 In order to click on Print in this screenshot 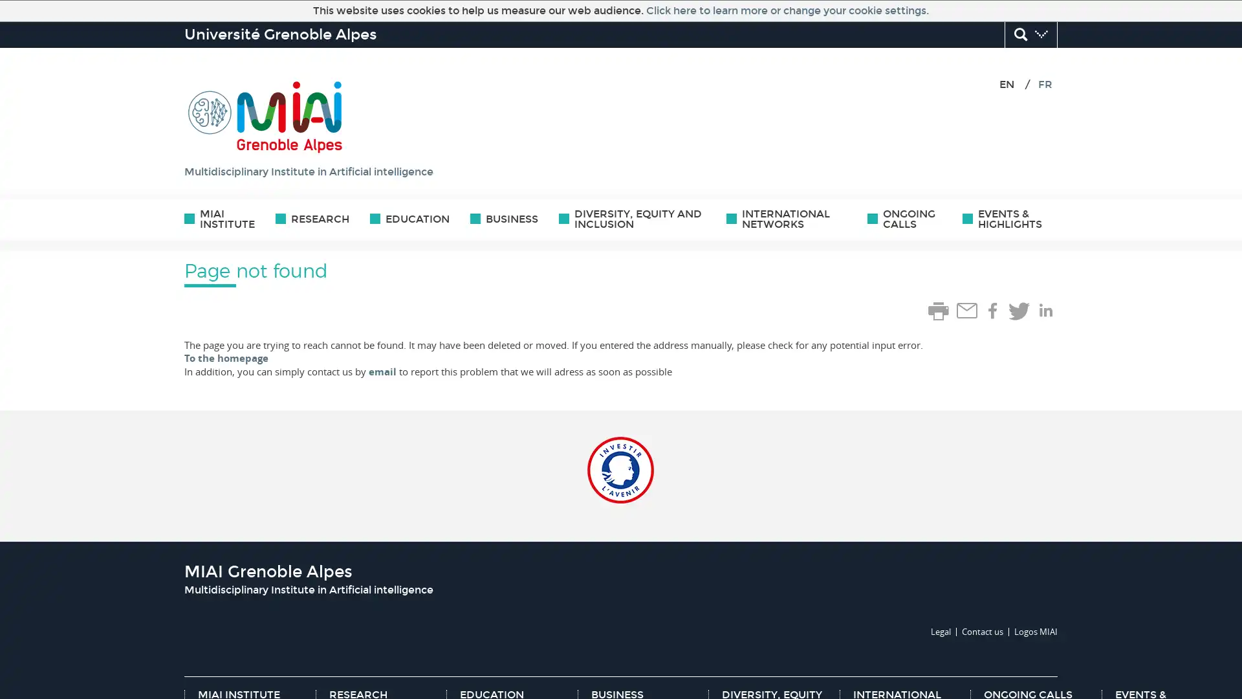, I will do `click(938, 311)`.